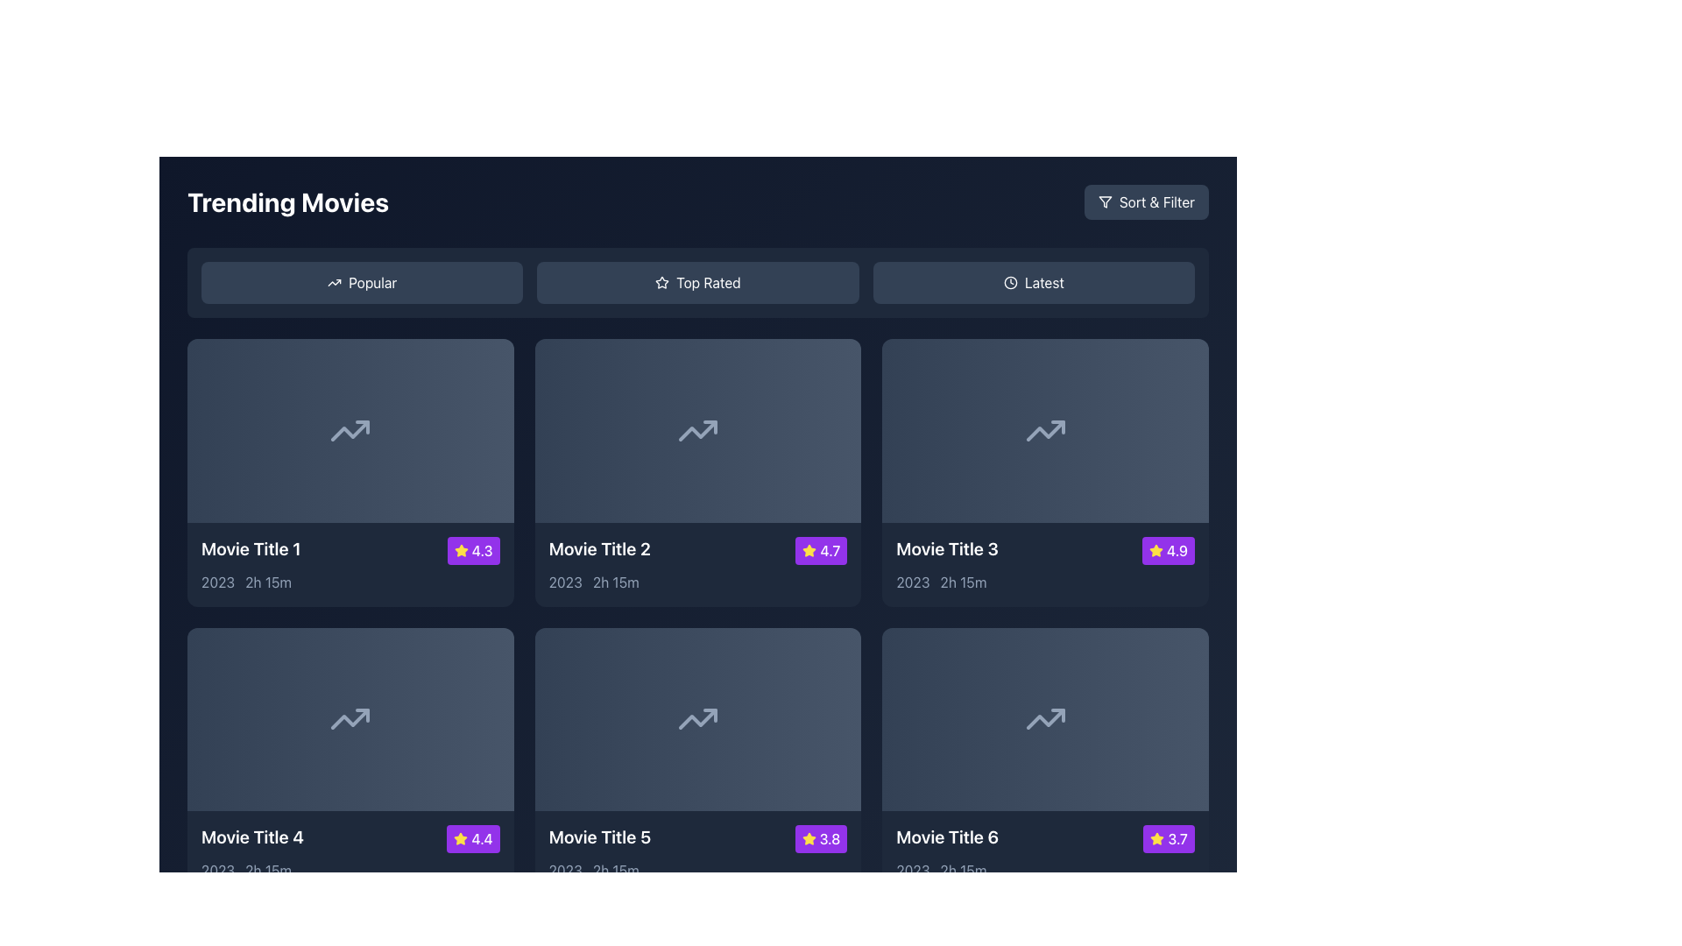  I want to click on the star icon representing the rating system, which is located to the left of the text '4.7', so click(809, 549).